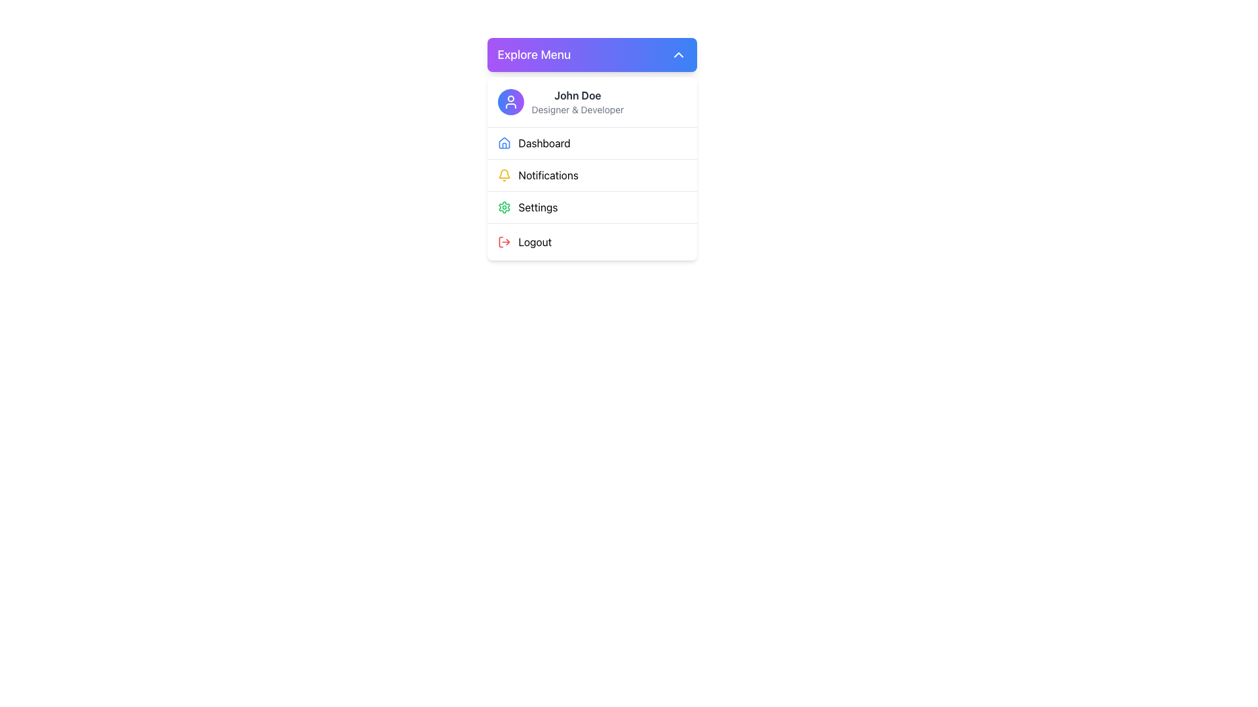  What do you see at coordinates (510, 101) in the screenshot?
I see `the Profile Icon located at the top-left of the menu card, next to the text 'John Doe' and the subtitle 'Designer & Developer'` at bounding box center [510, 101].